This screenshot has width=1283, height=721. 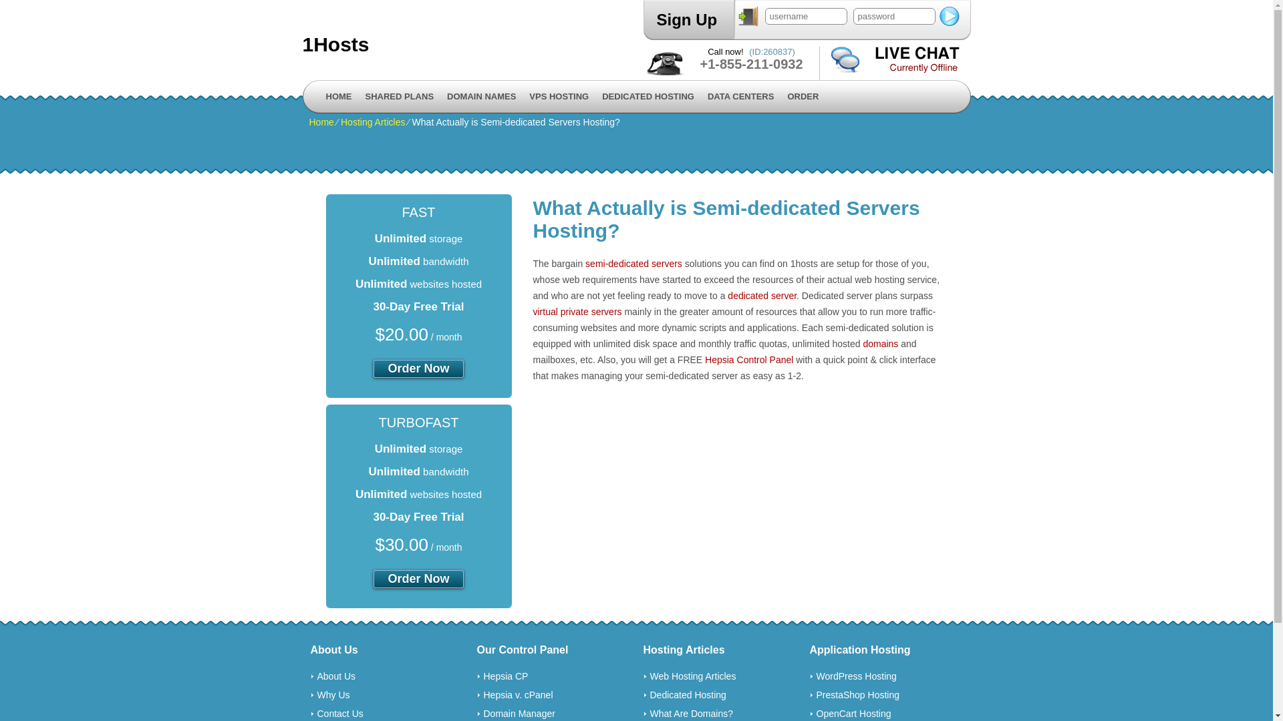 What do you see at coordinates (339, 712) in the screenshot?
I see `'Contact Us'` at bounding box center [339, 712].